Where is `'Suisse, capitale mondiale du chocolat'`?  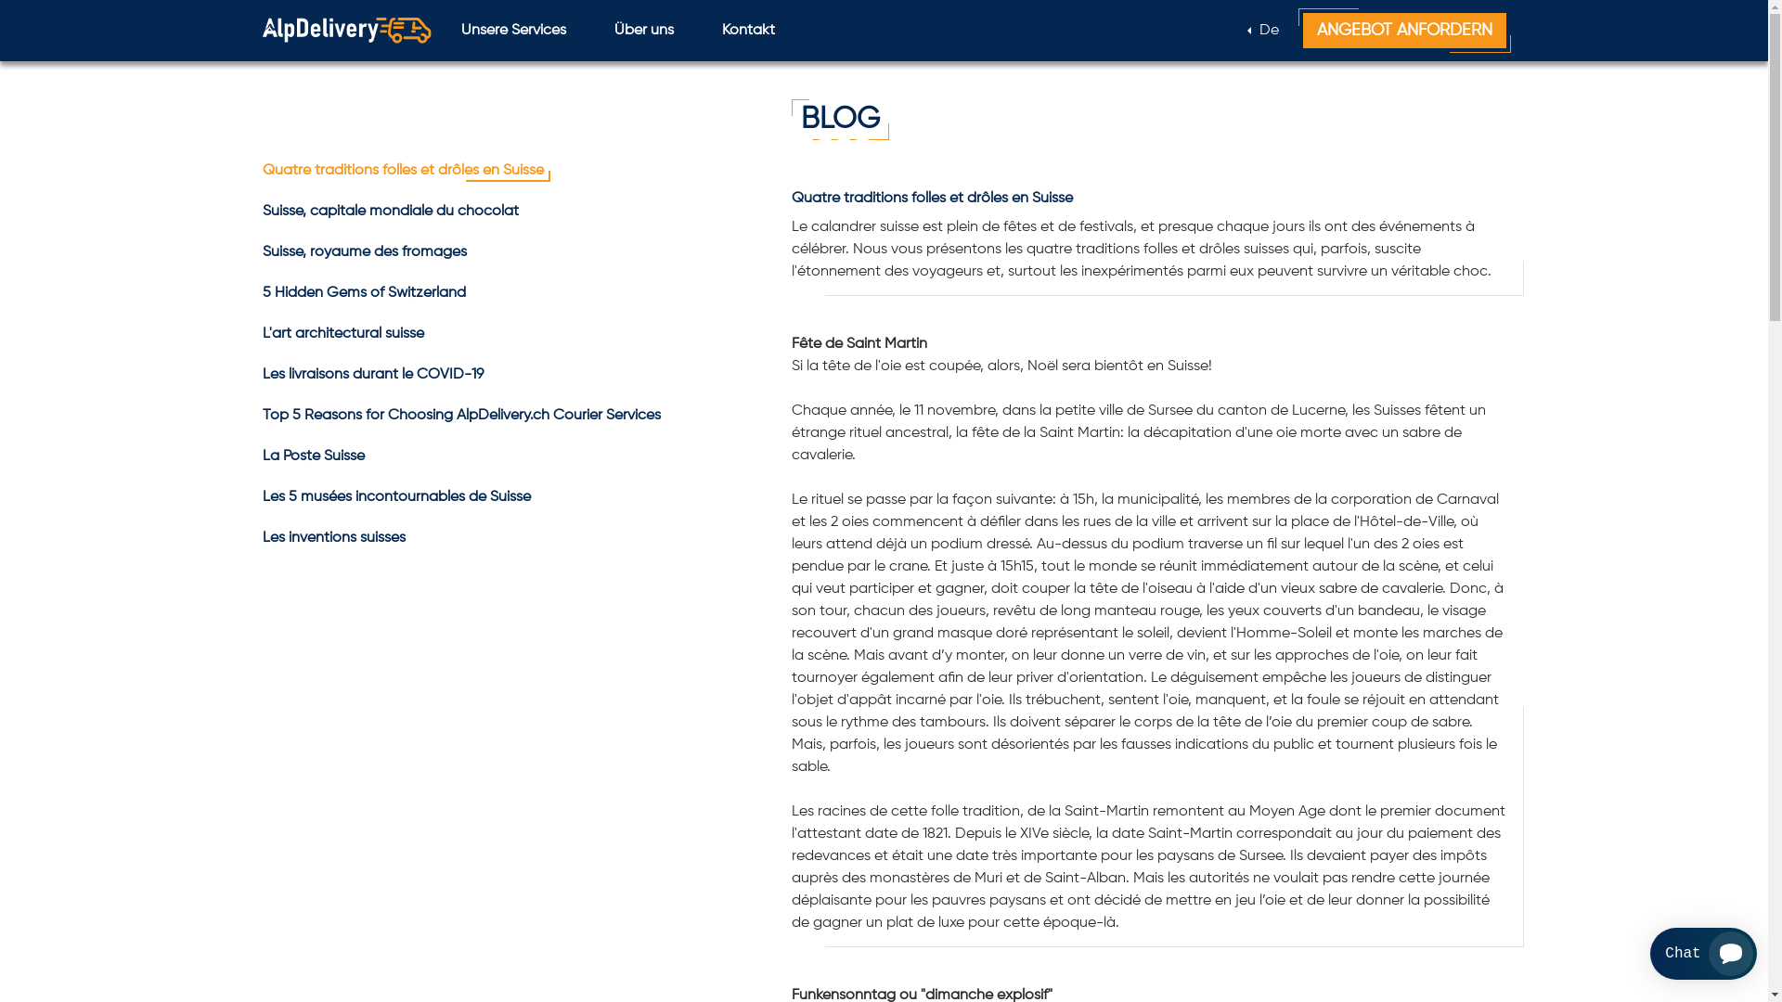
'Suisse, capitale mondiale du chocolat' is located at coordinates (389, 210).